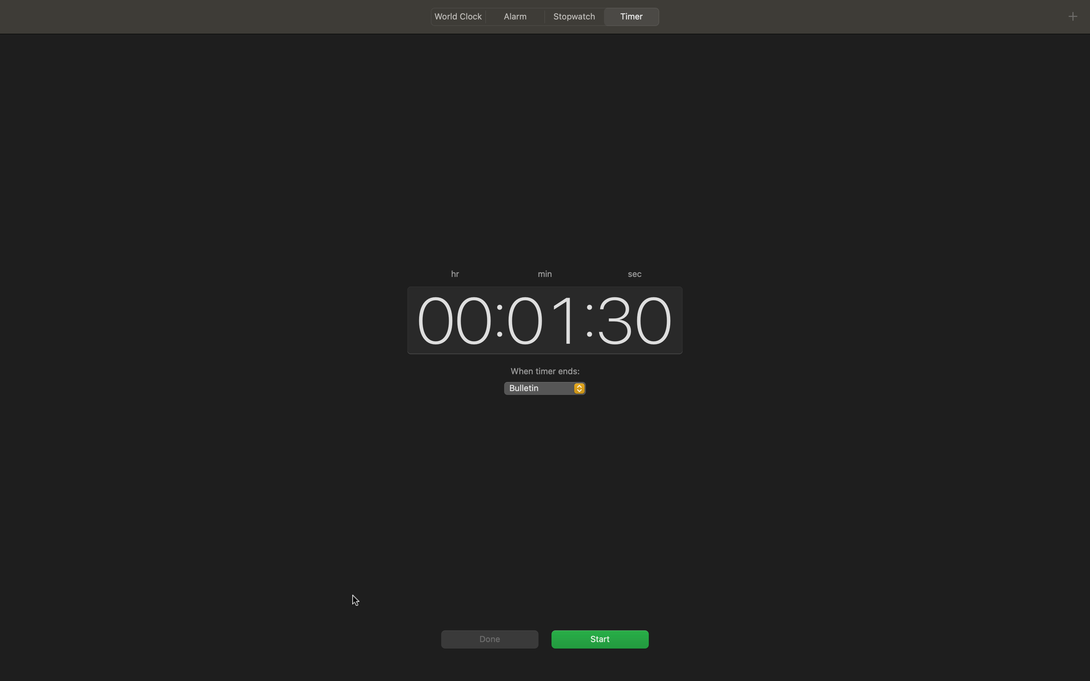 Image resolution: width=1090 pixels, height=681 pixels. Describe the element at coordinates (599, 638) in the screenshot. I see `Interrupt Timer` at that location.